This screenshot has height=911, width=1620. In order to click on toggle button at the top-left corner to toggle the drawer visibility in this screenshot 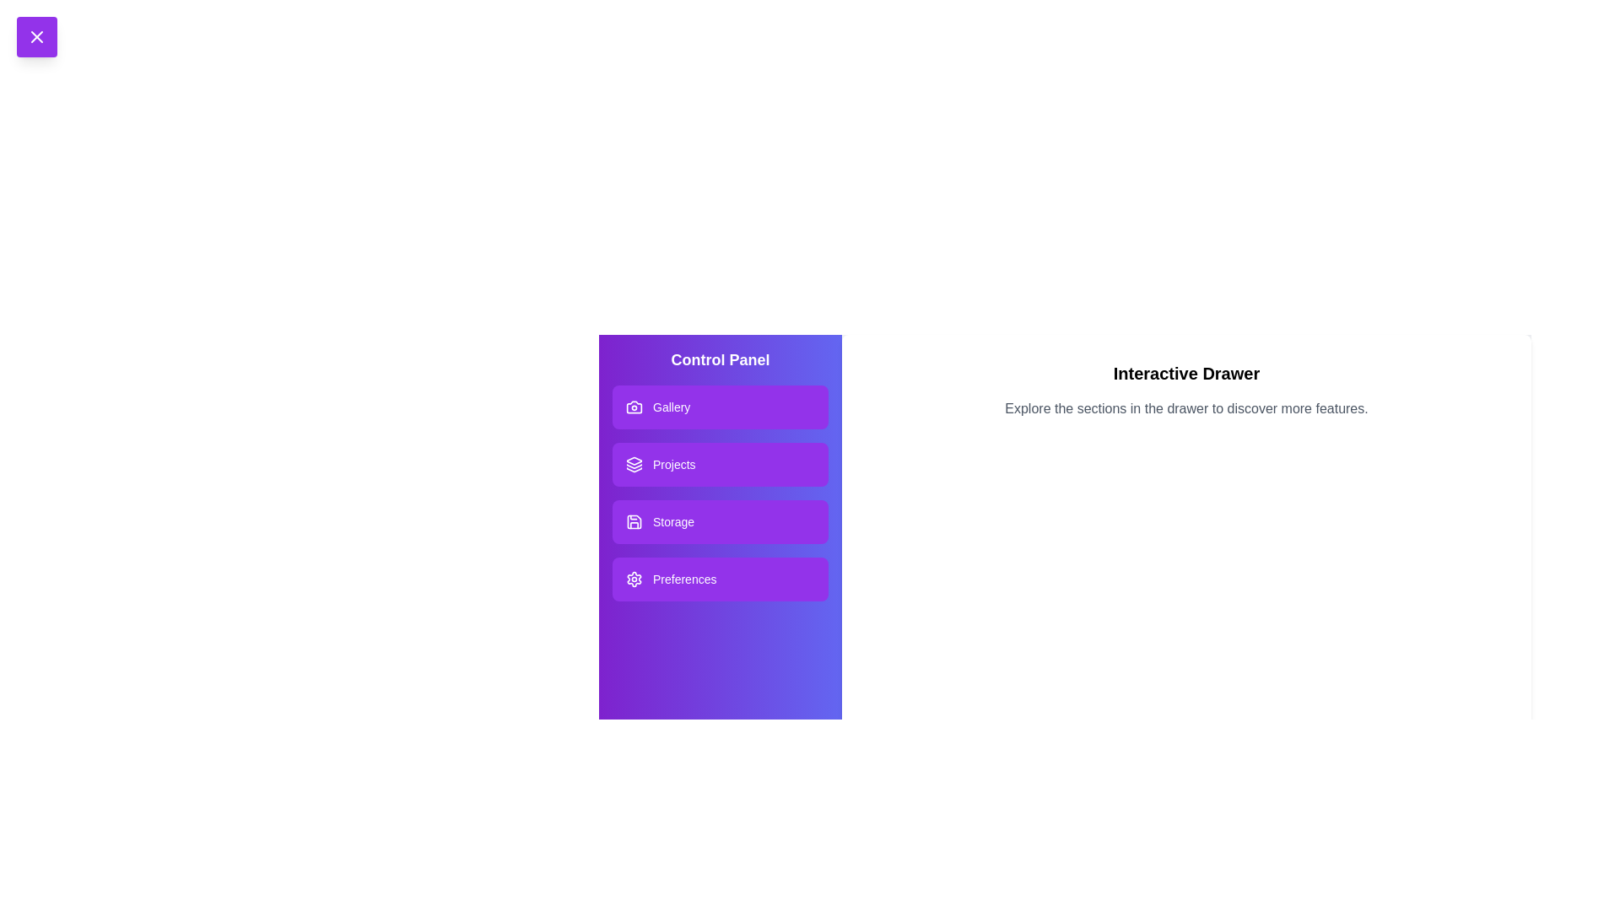, I will do `click(36, 36)`.